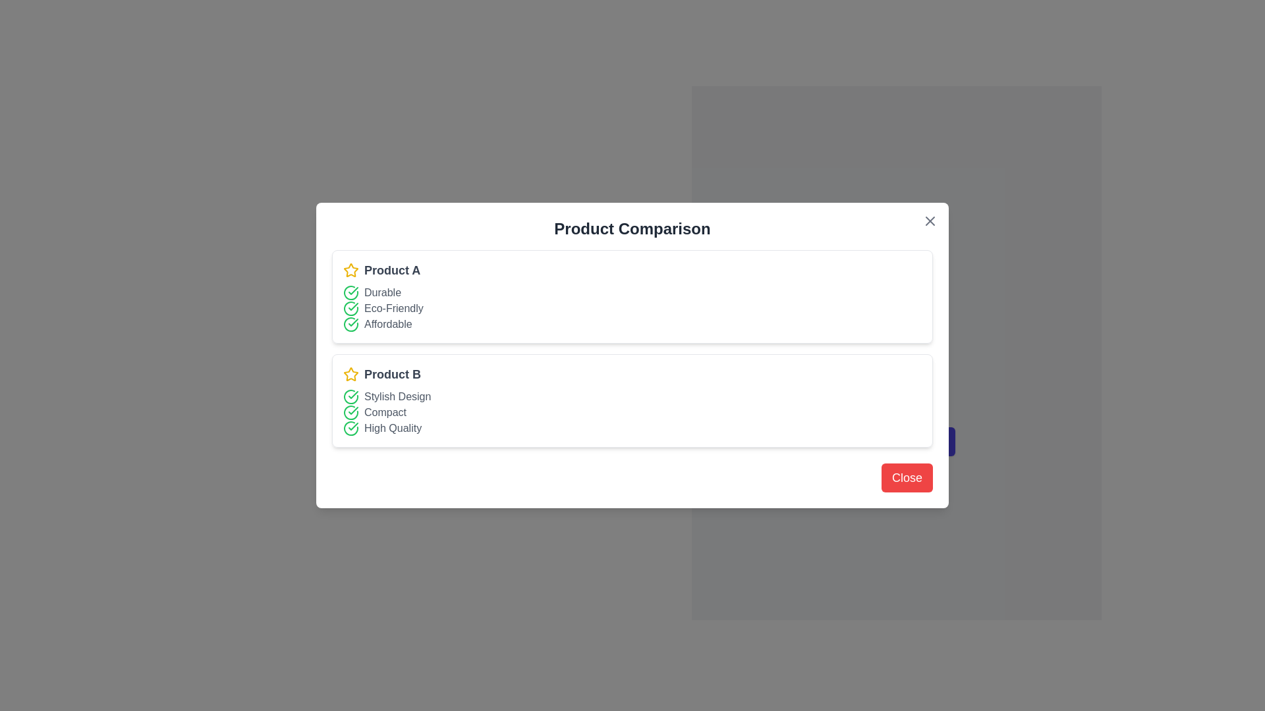  Describe the element at coordinates (353, 427) in the screenshot. I see `the second checkmark icon styled in green, indicating a verified status, located in the 'Product B' section adjacent to the text 'Compact'` at that location.